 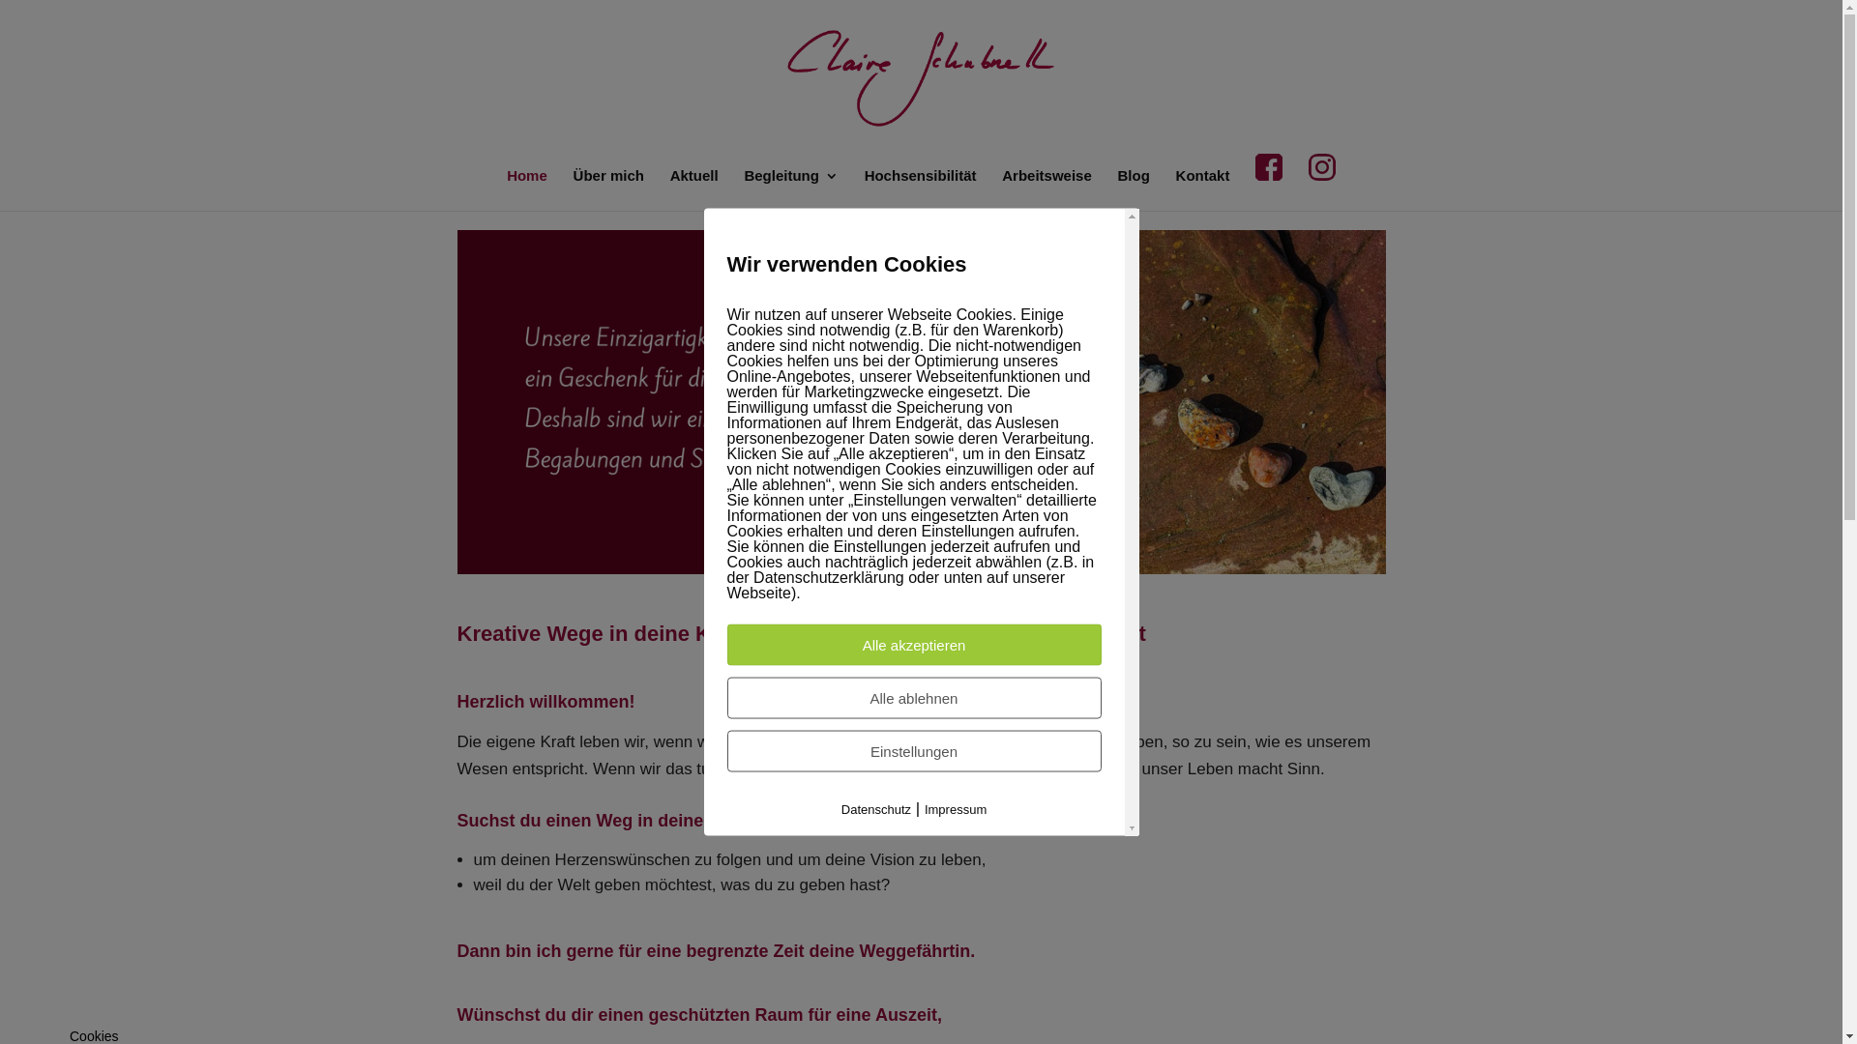 What do you see at coordinates (875, 809) in the screenshot?
I see `'Datenschutz'` at bounding box center [875, 809].